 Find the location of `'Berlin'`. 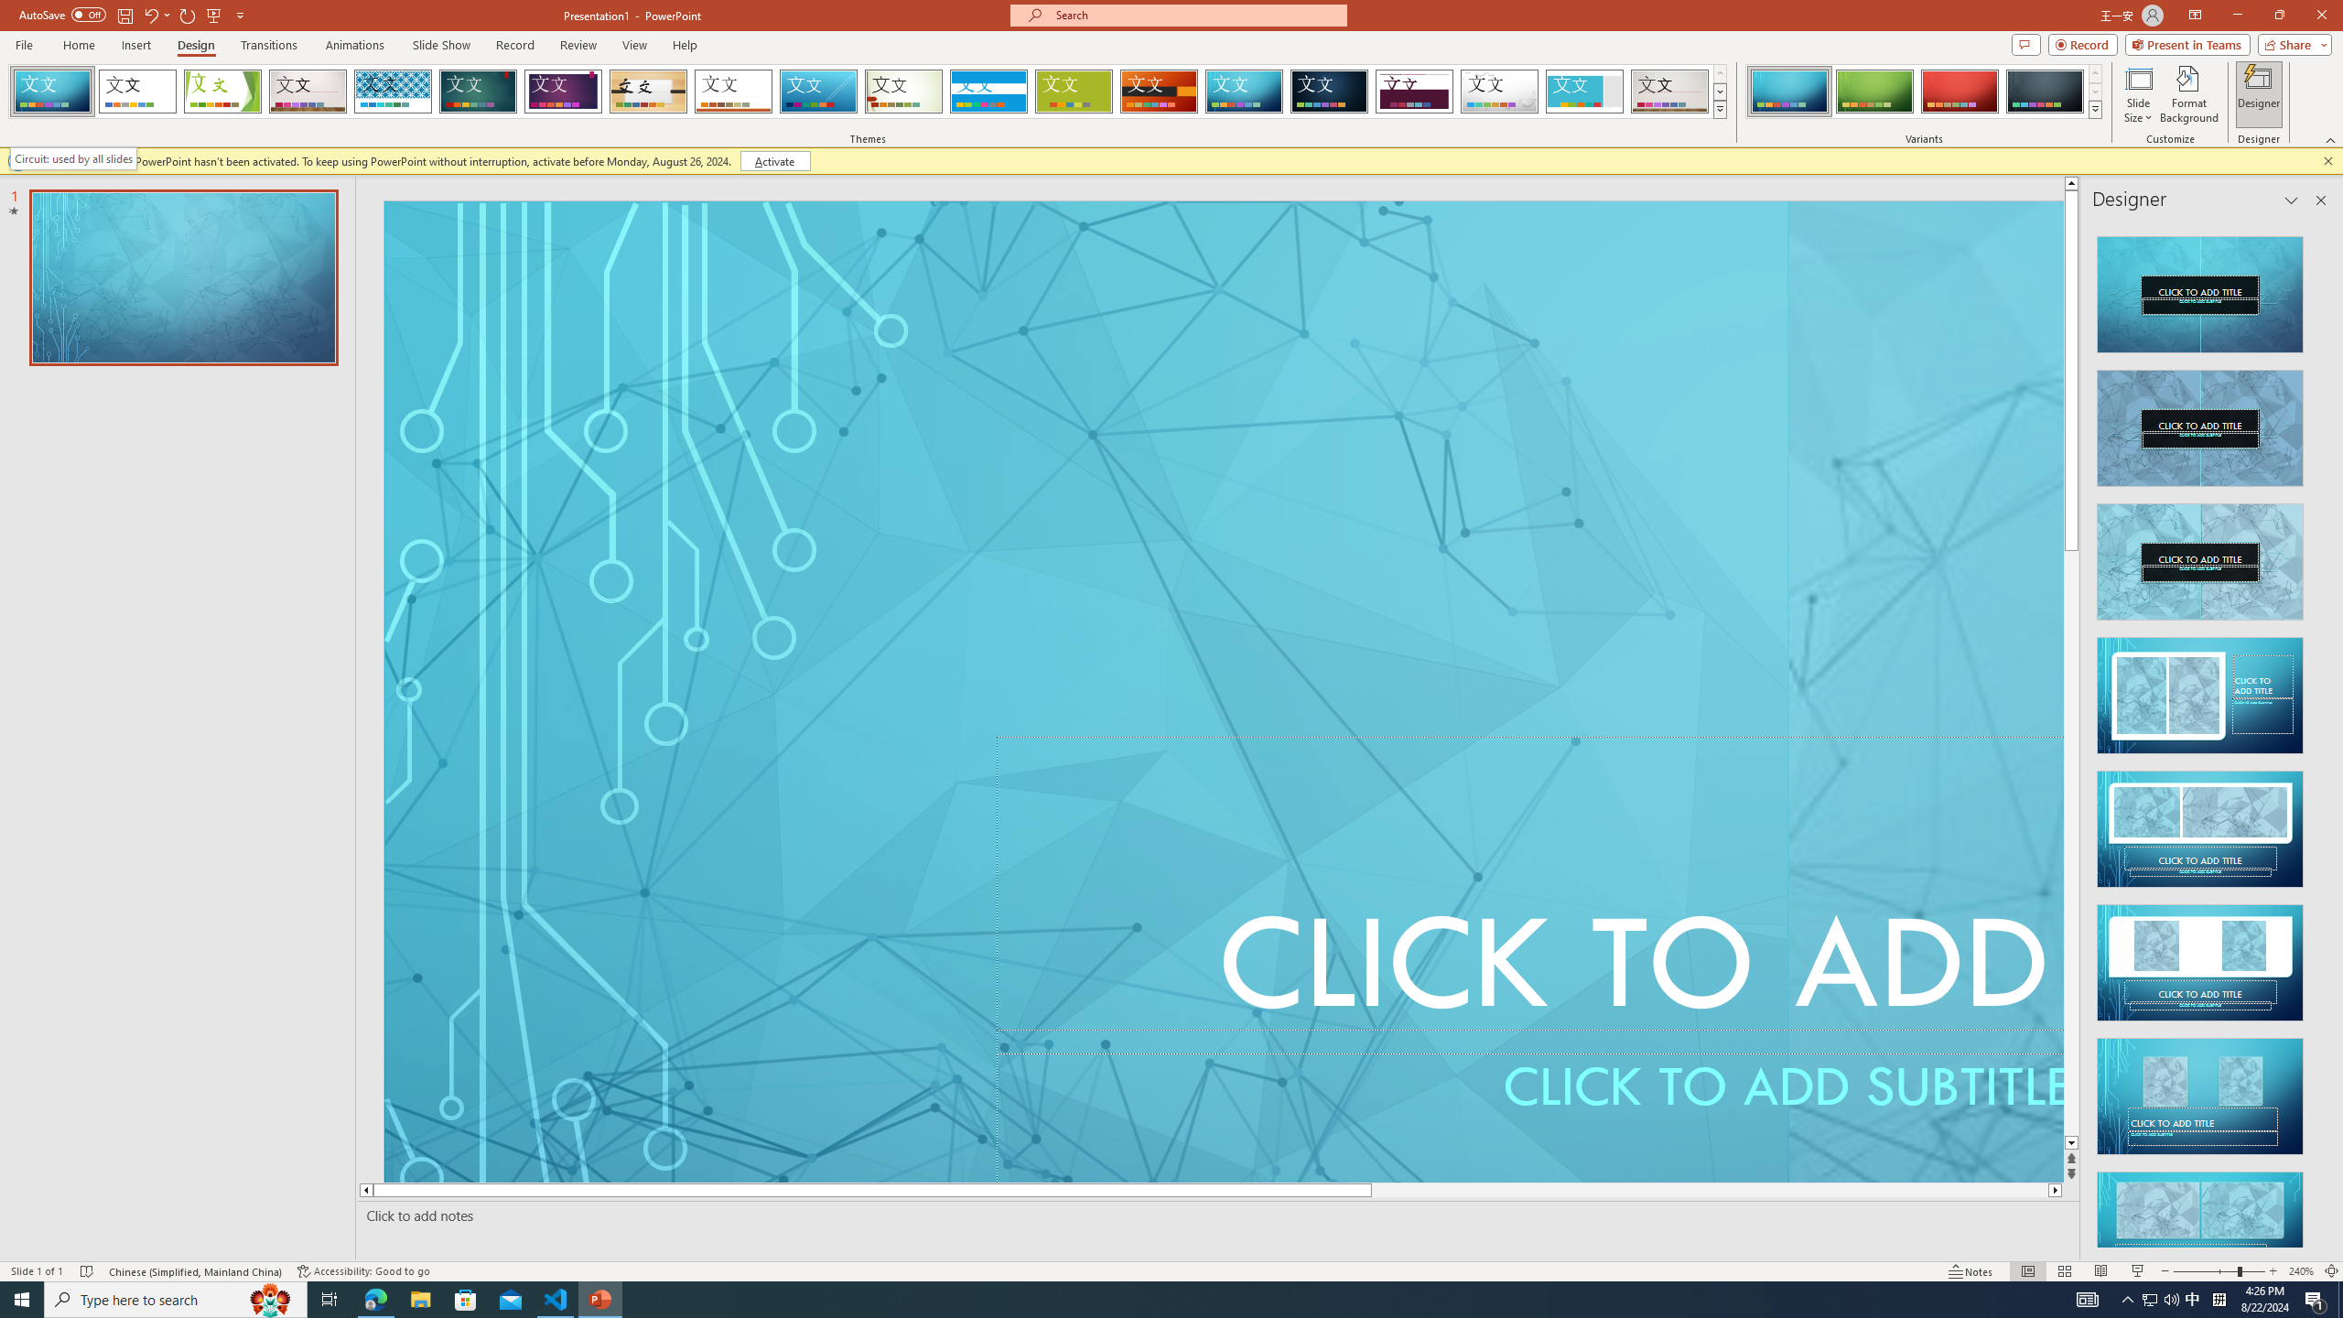

'Berlin' is located at coordinates (1160, 91).